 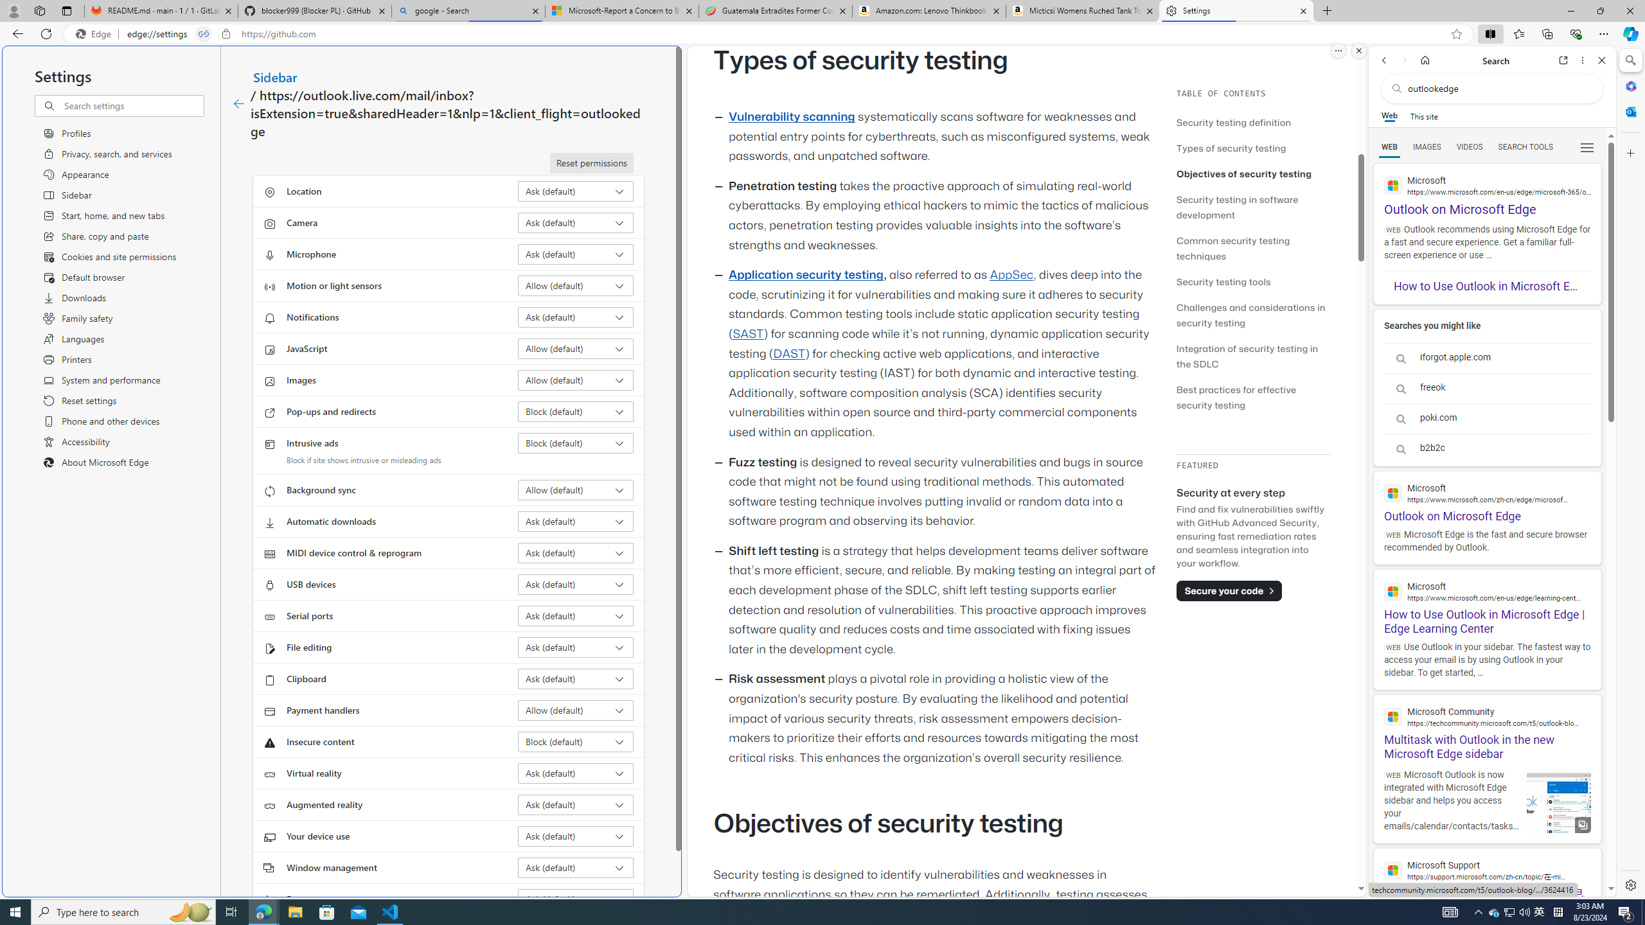 I want to click on 'Edge', so click(x=95, y=34).